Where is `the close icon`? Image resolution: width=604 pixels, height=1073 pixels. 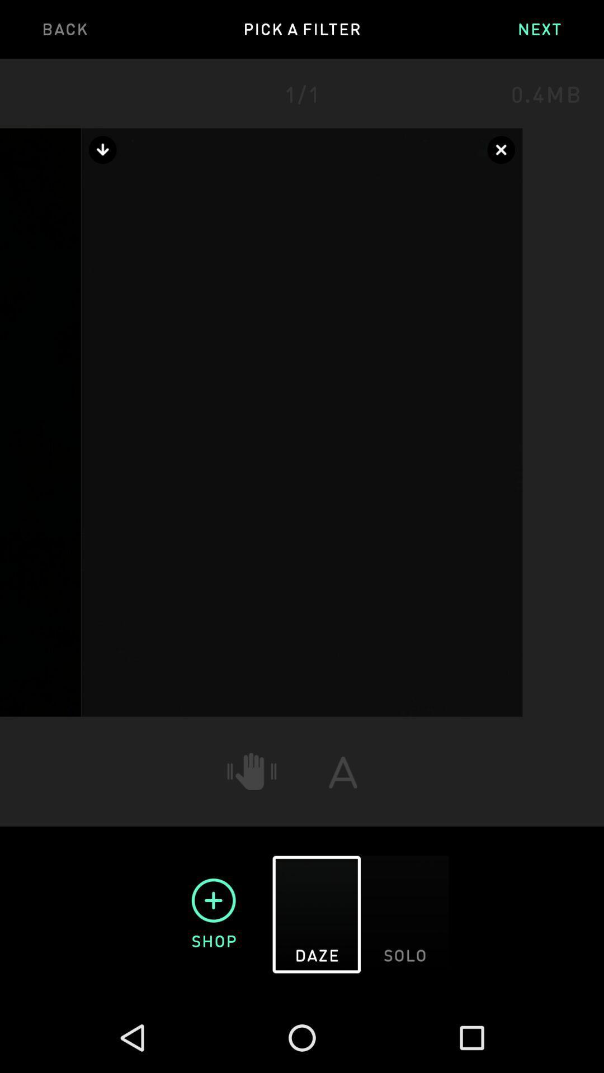
the close icon is located at coordinates (501, 149).